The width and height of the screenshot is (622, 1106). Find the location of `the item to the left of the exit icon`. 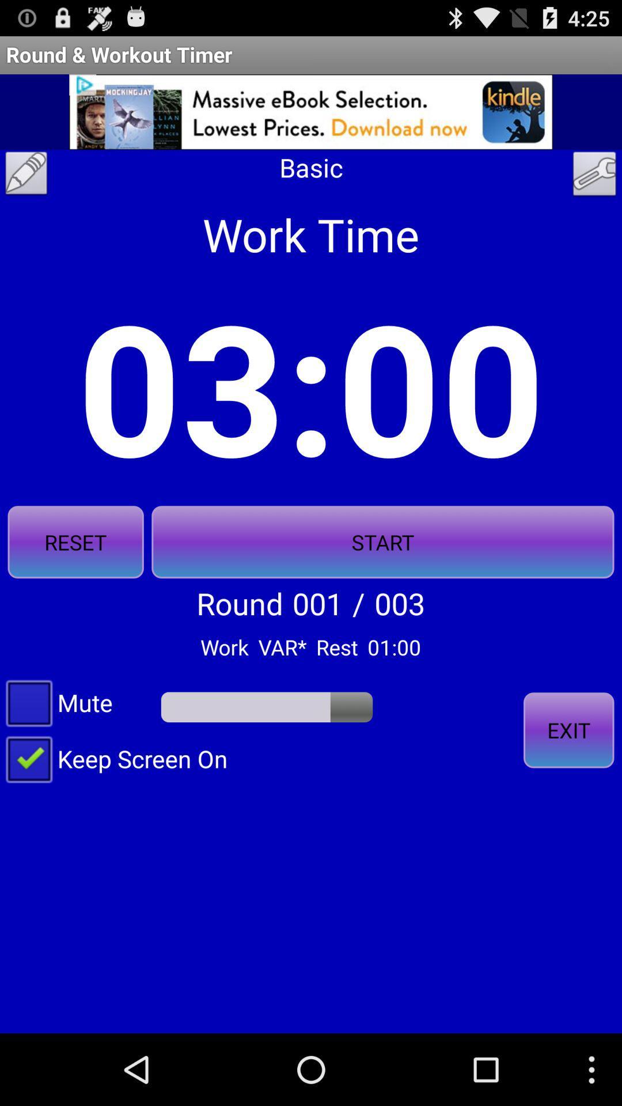

the item to the left of the exit icon is located at coordinates (113, 758).